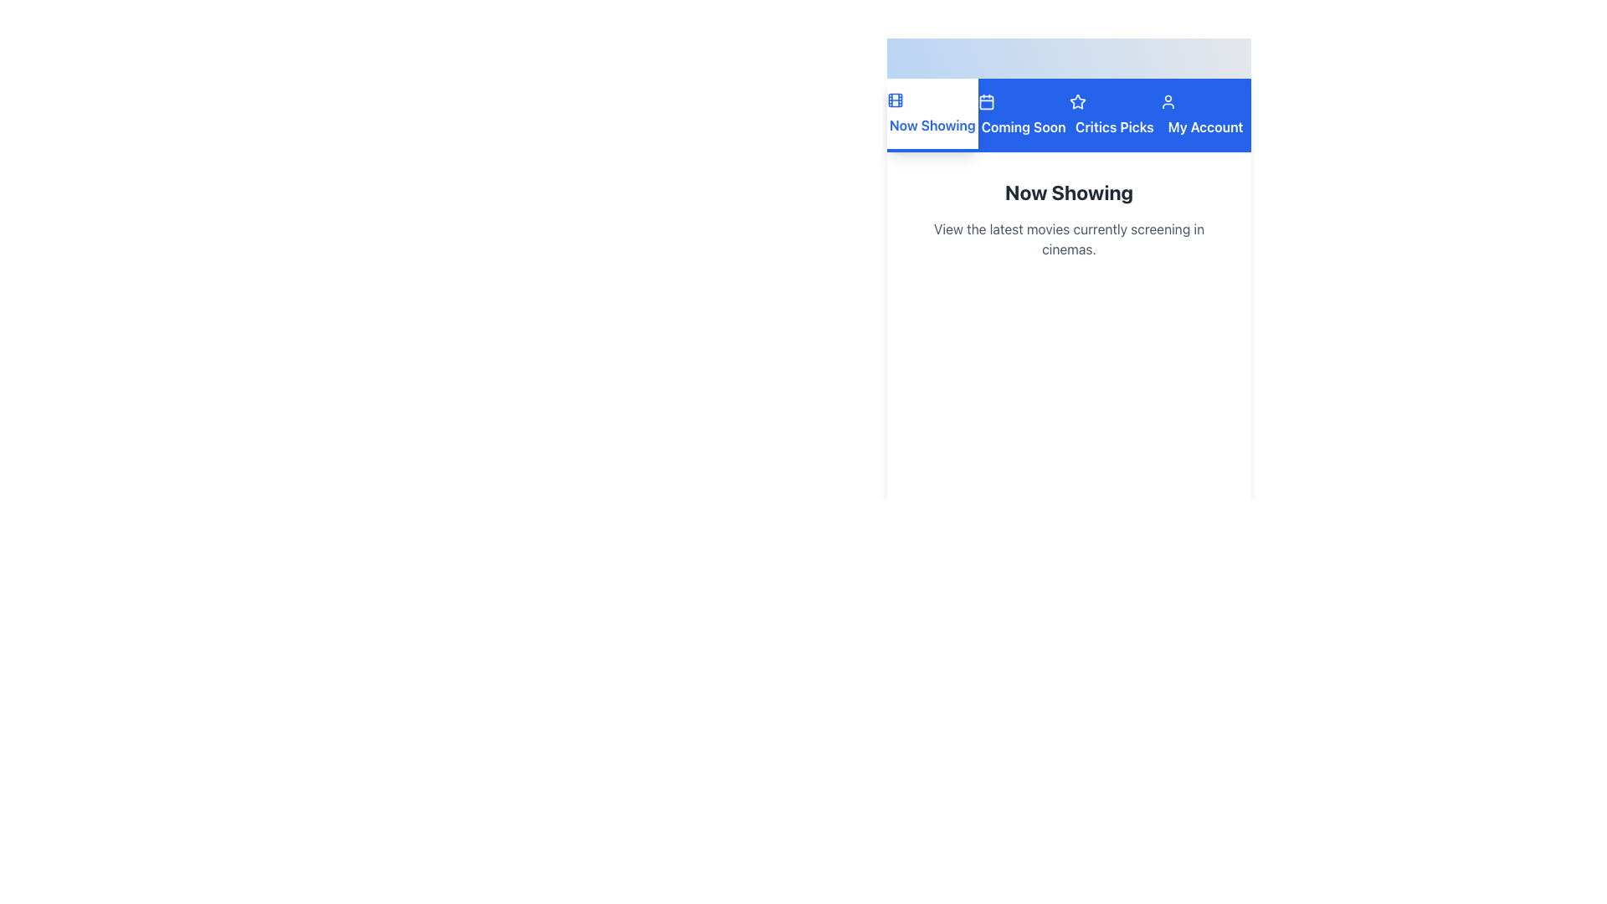 The height and width of the screenshot is (904, 1607). I want to click on the 'Critics Picks' button which contains a star-shaped icon with a hollow outline, so click(1077, 102).